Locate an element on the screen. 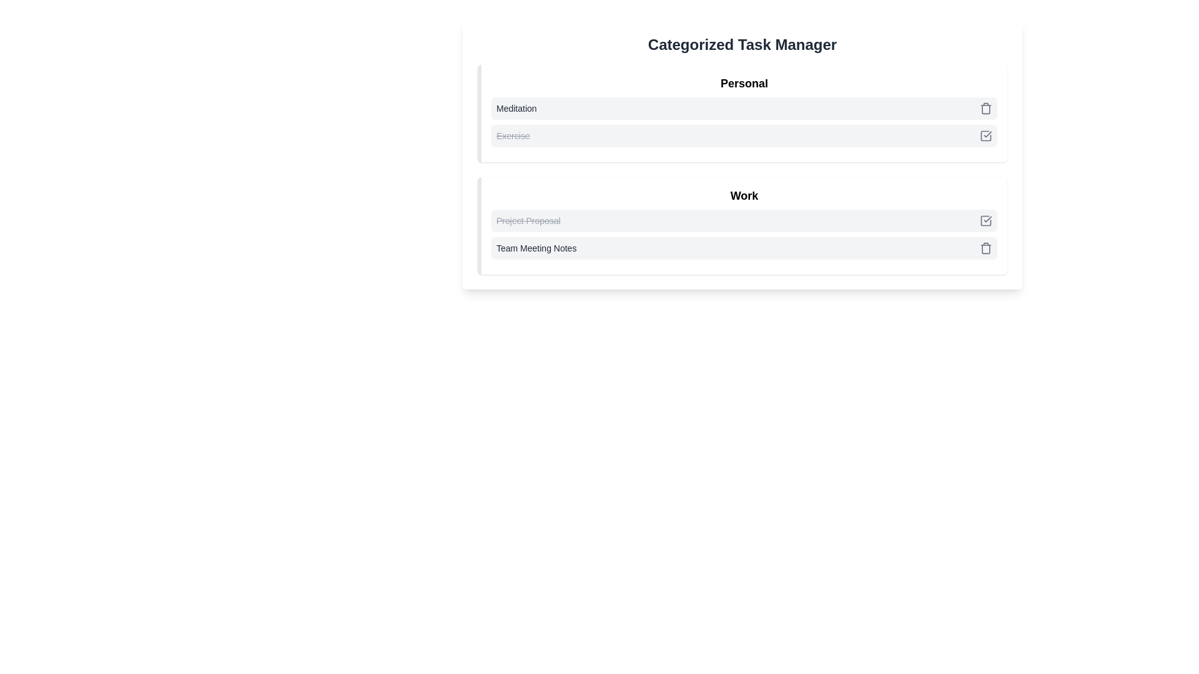  the Checkbox icon for the 'Team Meeting Notes' task located under the 'Work' category is located at coordinates (985, 220).